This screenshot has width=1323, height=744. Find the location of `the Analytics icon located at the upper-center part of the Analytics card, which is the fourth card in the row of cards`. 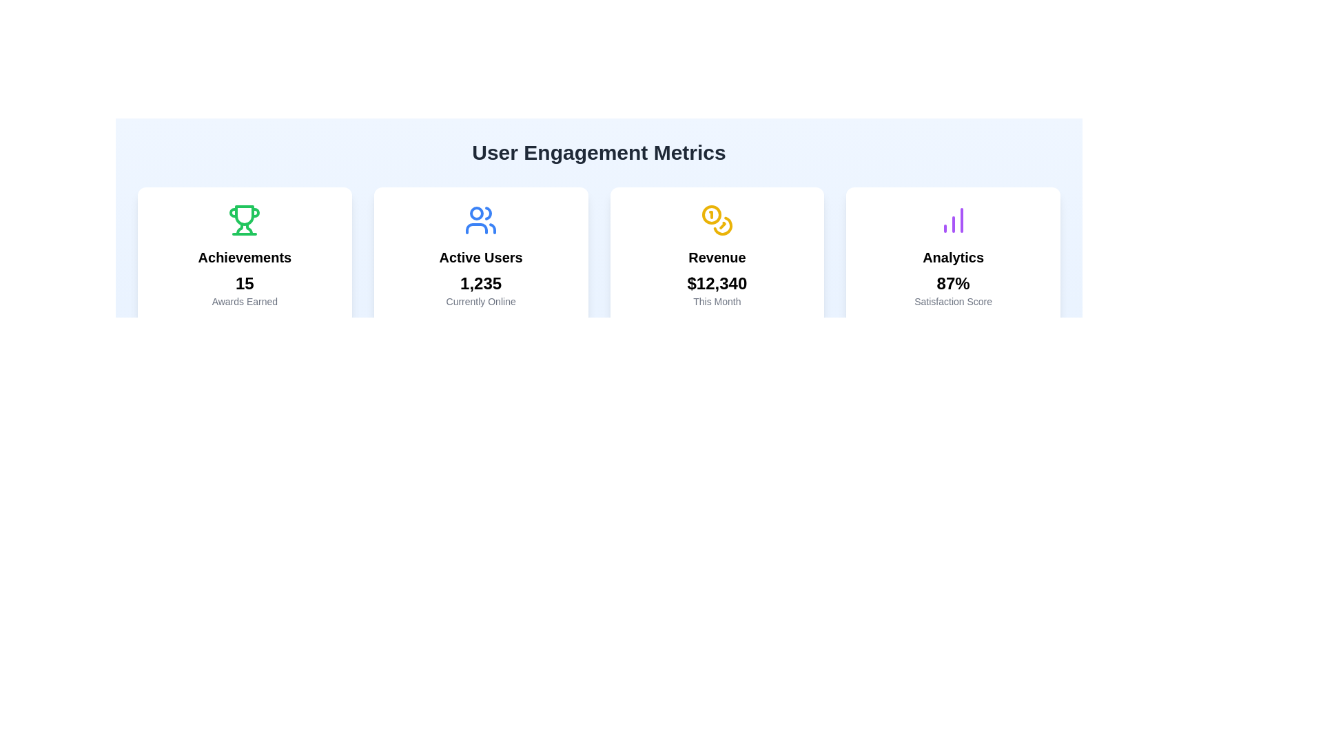

the Analytics icon located at the upper-center part of the Analytics card, which is the fourth card in the row of cards is located at coordinates (952, 220).